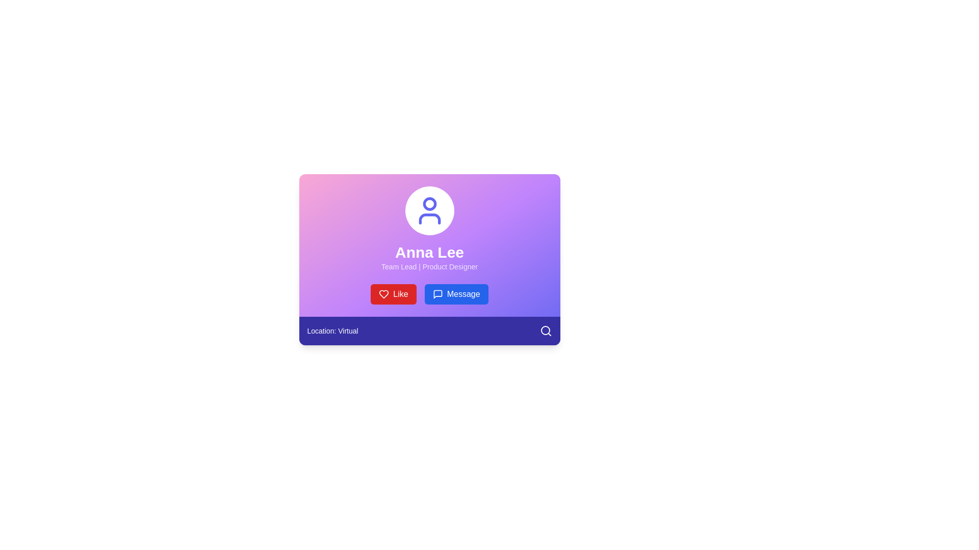 The height and width of the screenshot is (550, 979). What do you see at coordinates (393, 294) in the screenshot?
I see `the red rectangular 'Like' button with rounded corners that has a heart icon on its left side to like the content` at bounding box center [393, 294].